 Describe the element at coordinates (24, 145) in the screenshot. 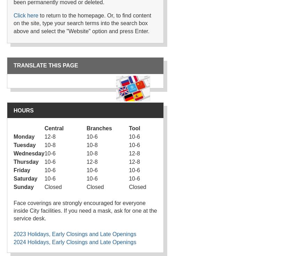

I see `'Tuesday'` at that location.